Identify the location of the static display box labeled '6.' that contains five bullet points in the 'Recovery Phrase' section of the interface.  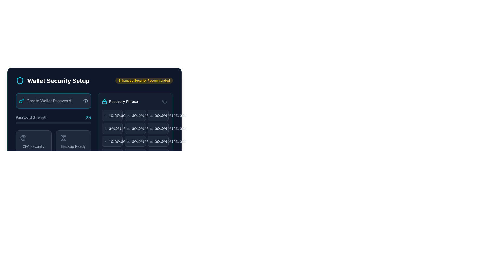
(158, 128).